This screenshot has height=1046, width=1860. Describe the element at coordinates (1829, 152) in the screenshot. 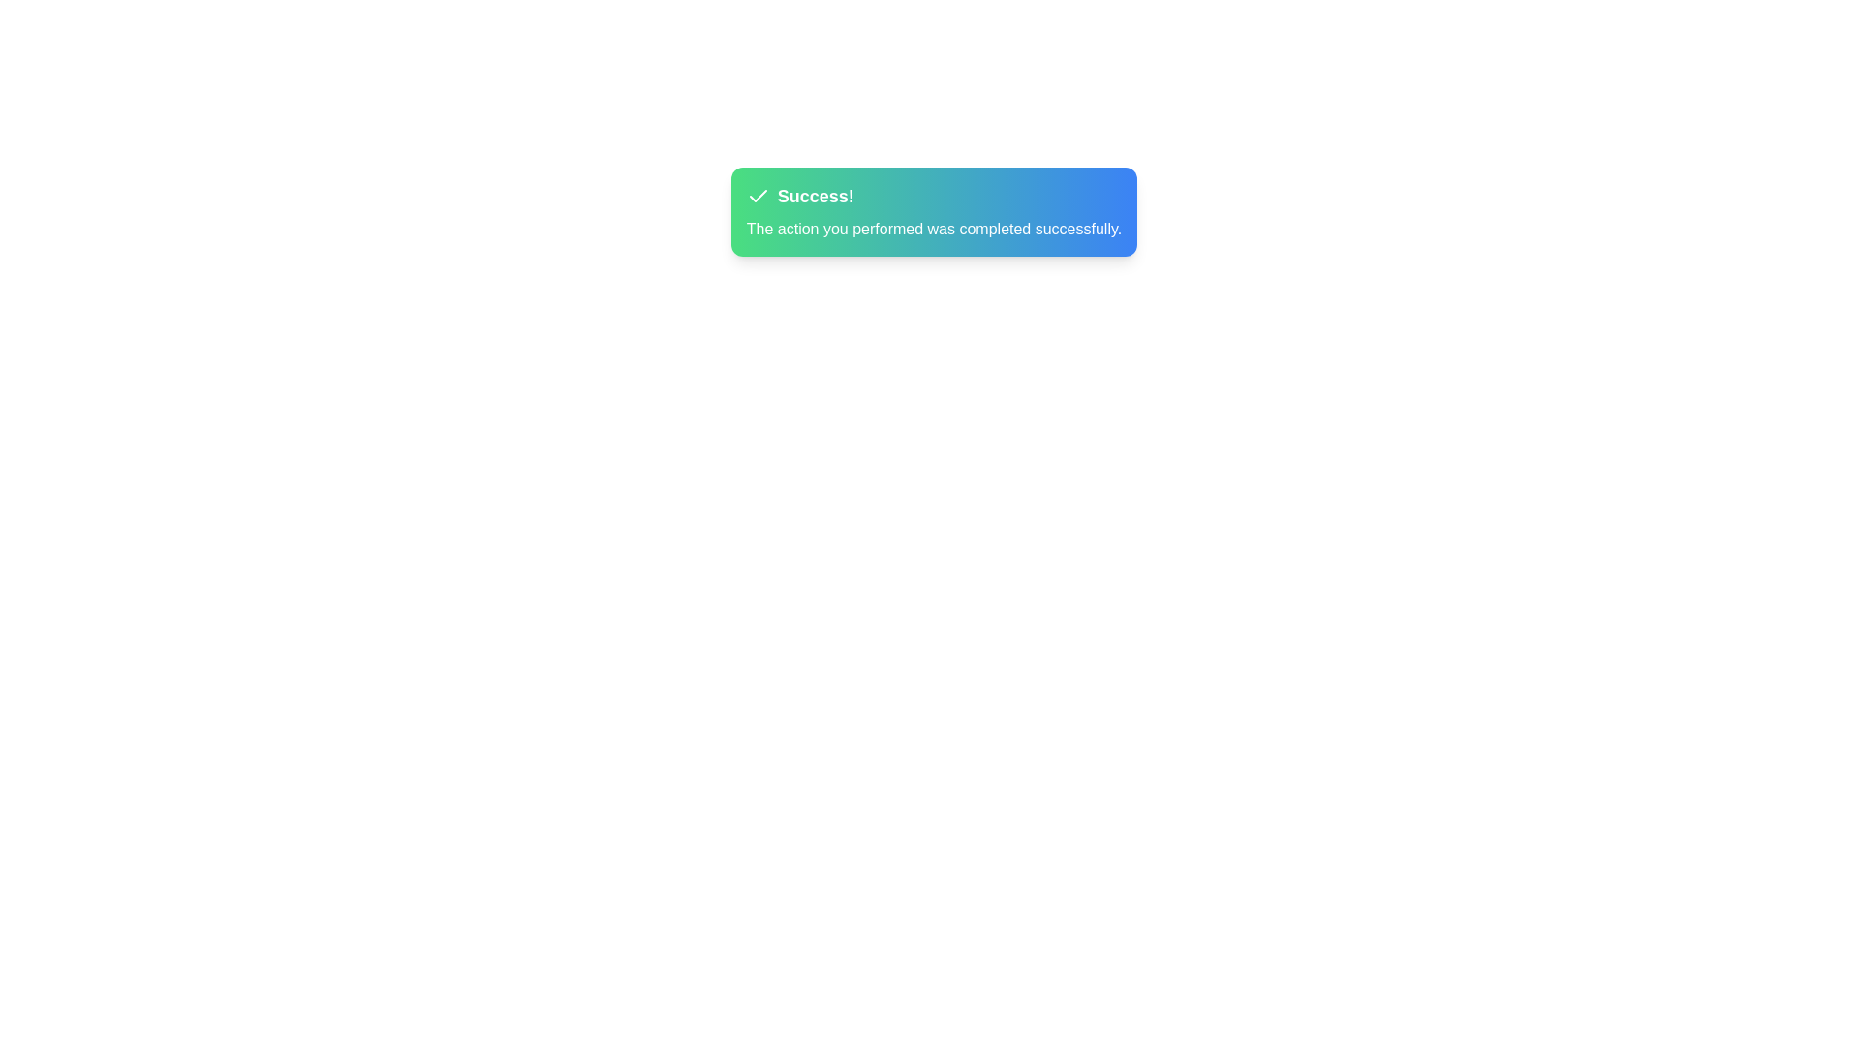

I see `the close button of the snackbar to dismiss it` at that location.